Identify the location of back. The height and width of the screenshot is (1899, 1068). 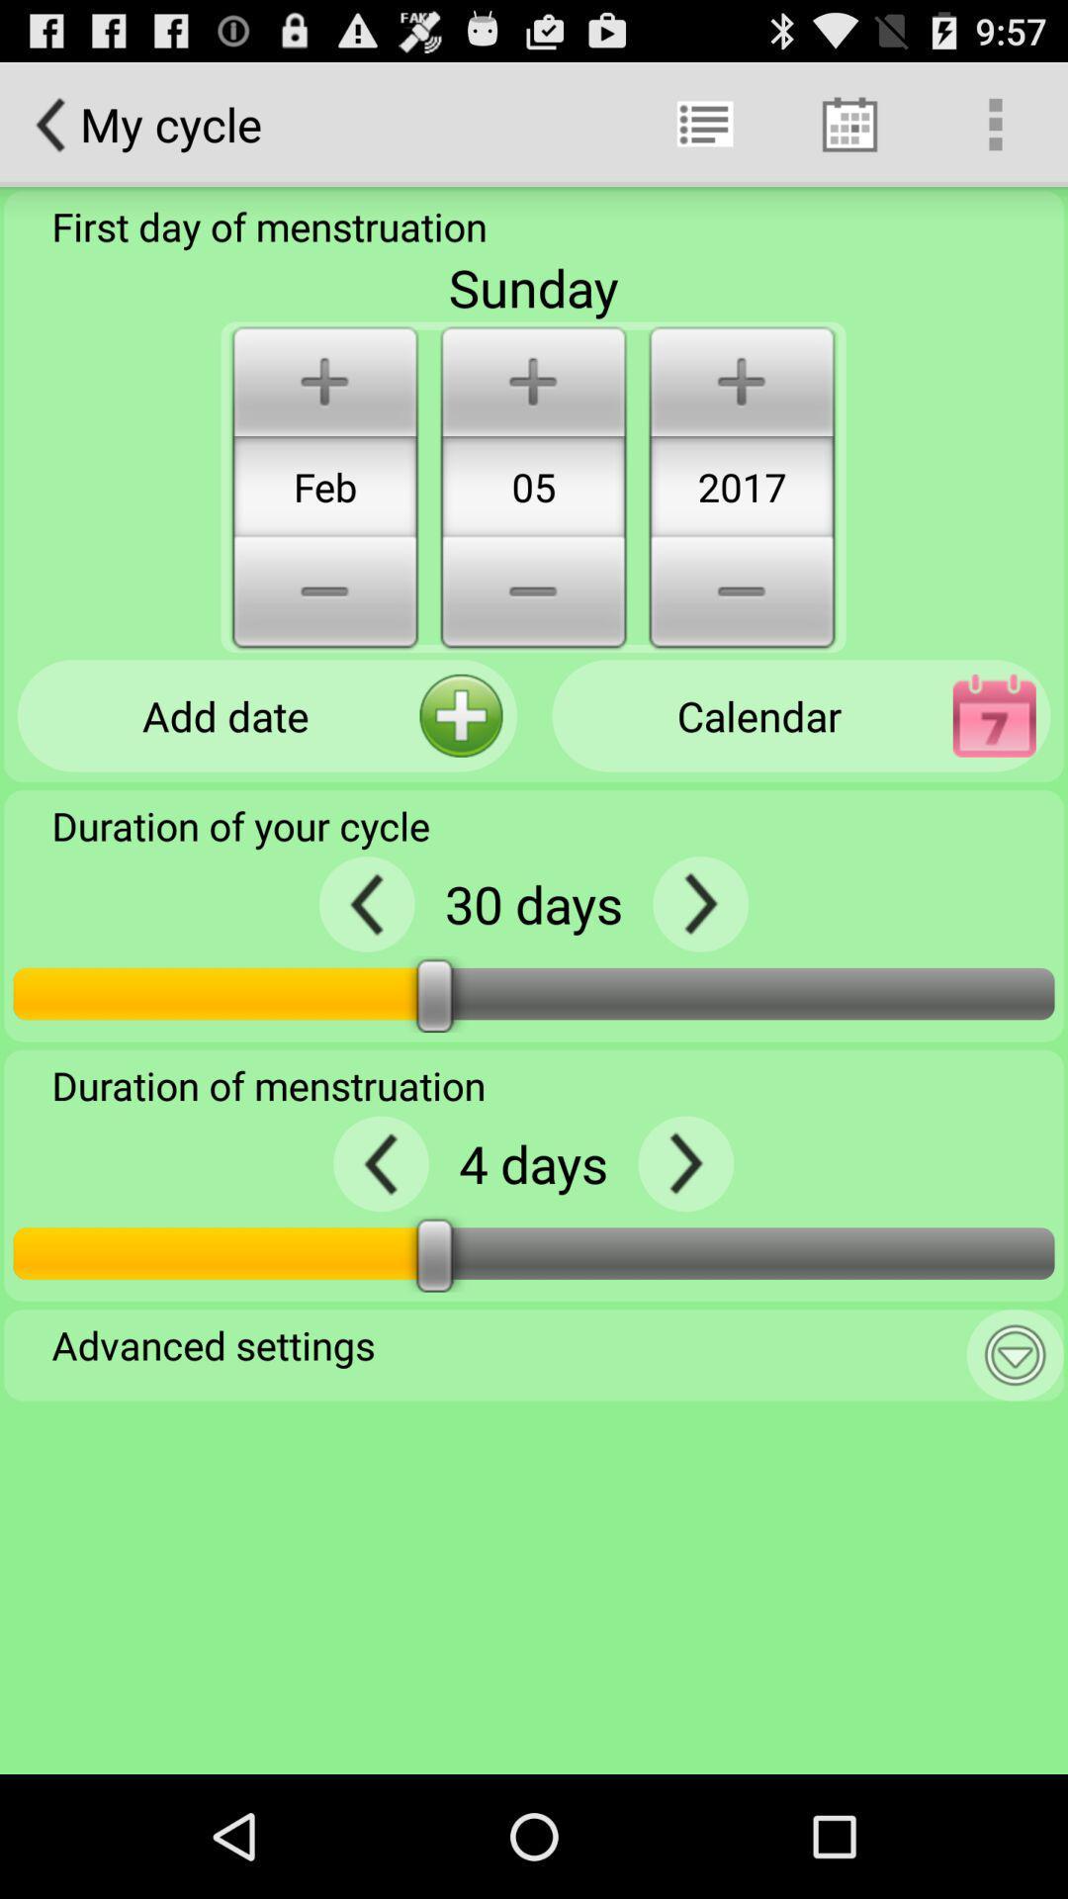
(367, 903).